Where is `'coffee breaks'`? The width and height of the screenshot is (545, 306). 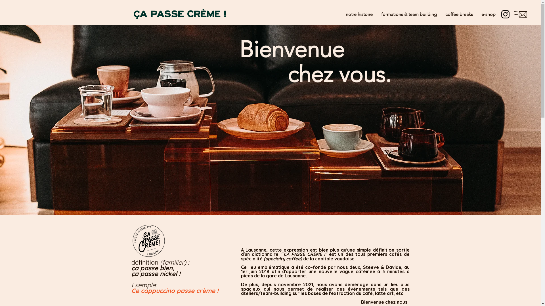
'coffee breaks' is located at coordinates (459, 14).